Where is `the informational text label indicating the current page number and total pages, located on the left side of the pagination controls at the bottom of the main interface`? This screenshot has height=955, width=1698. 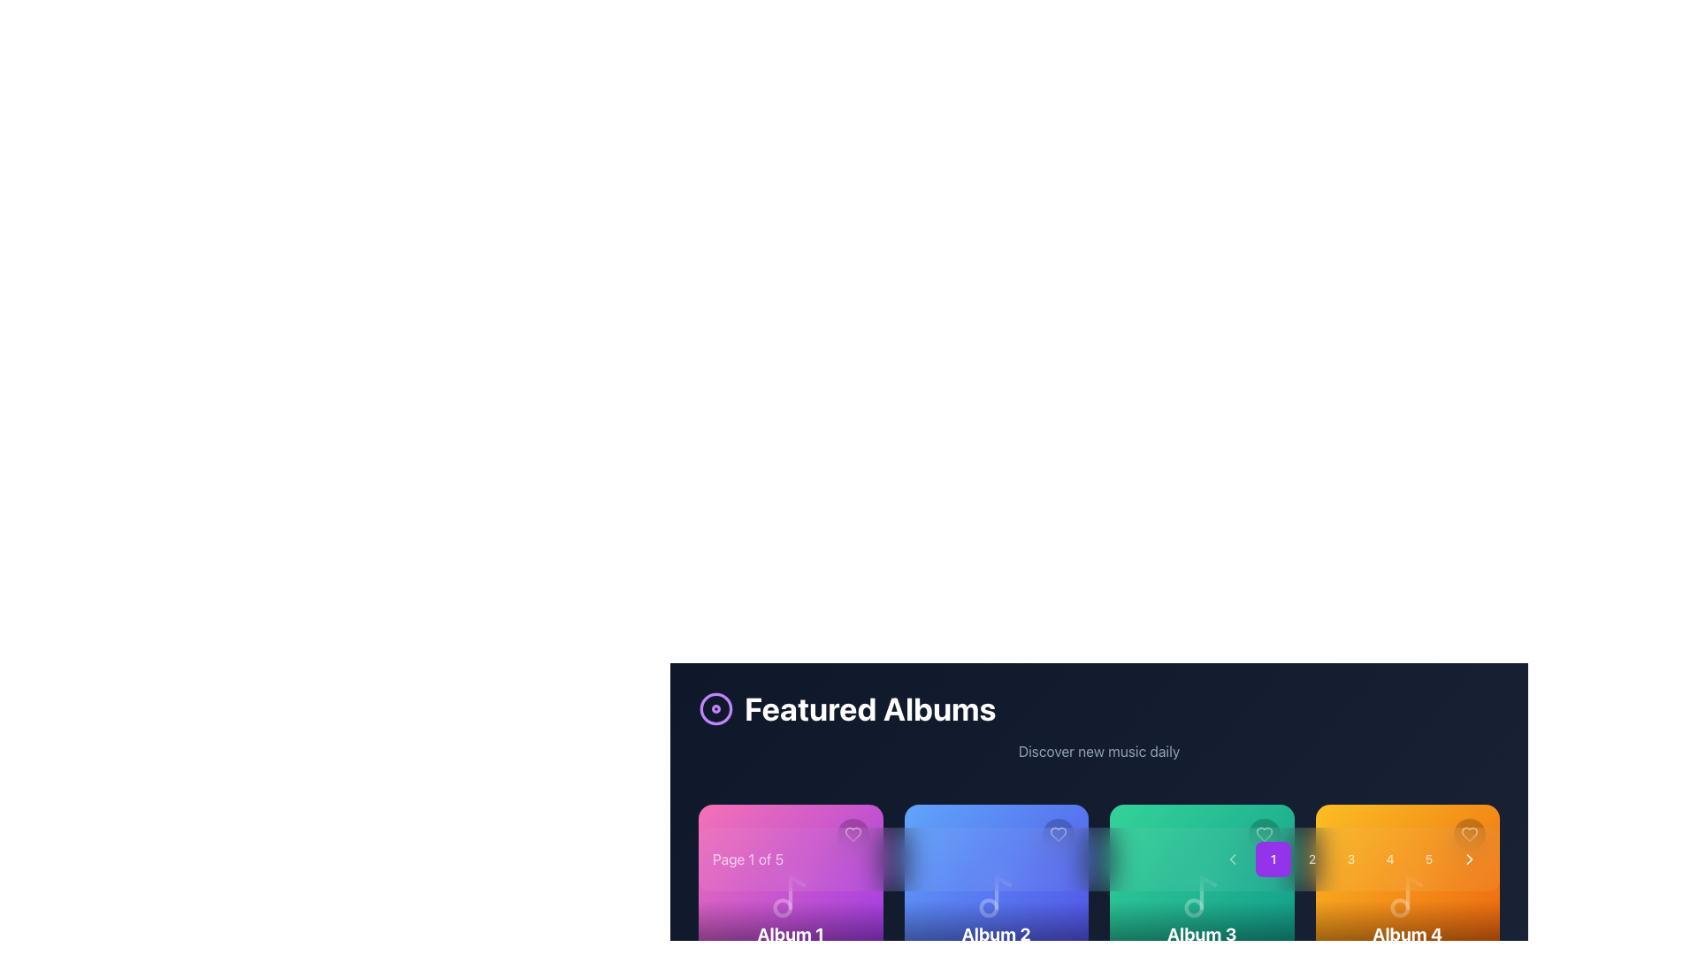 the informational text label indicating the current page number and total pages, located on the left side of the pagination controls at the bottom of the main interface is located at coordinates (748, 859).